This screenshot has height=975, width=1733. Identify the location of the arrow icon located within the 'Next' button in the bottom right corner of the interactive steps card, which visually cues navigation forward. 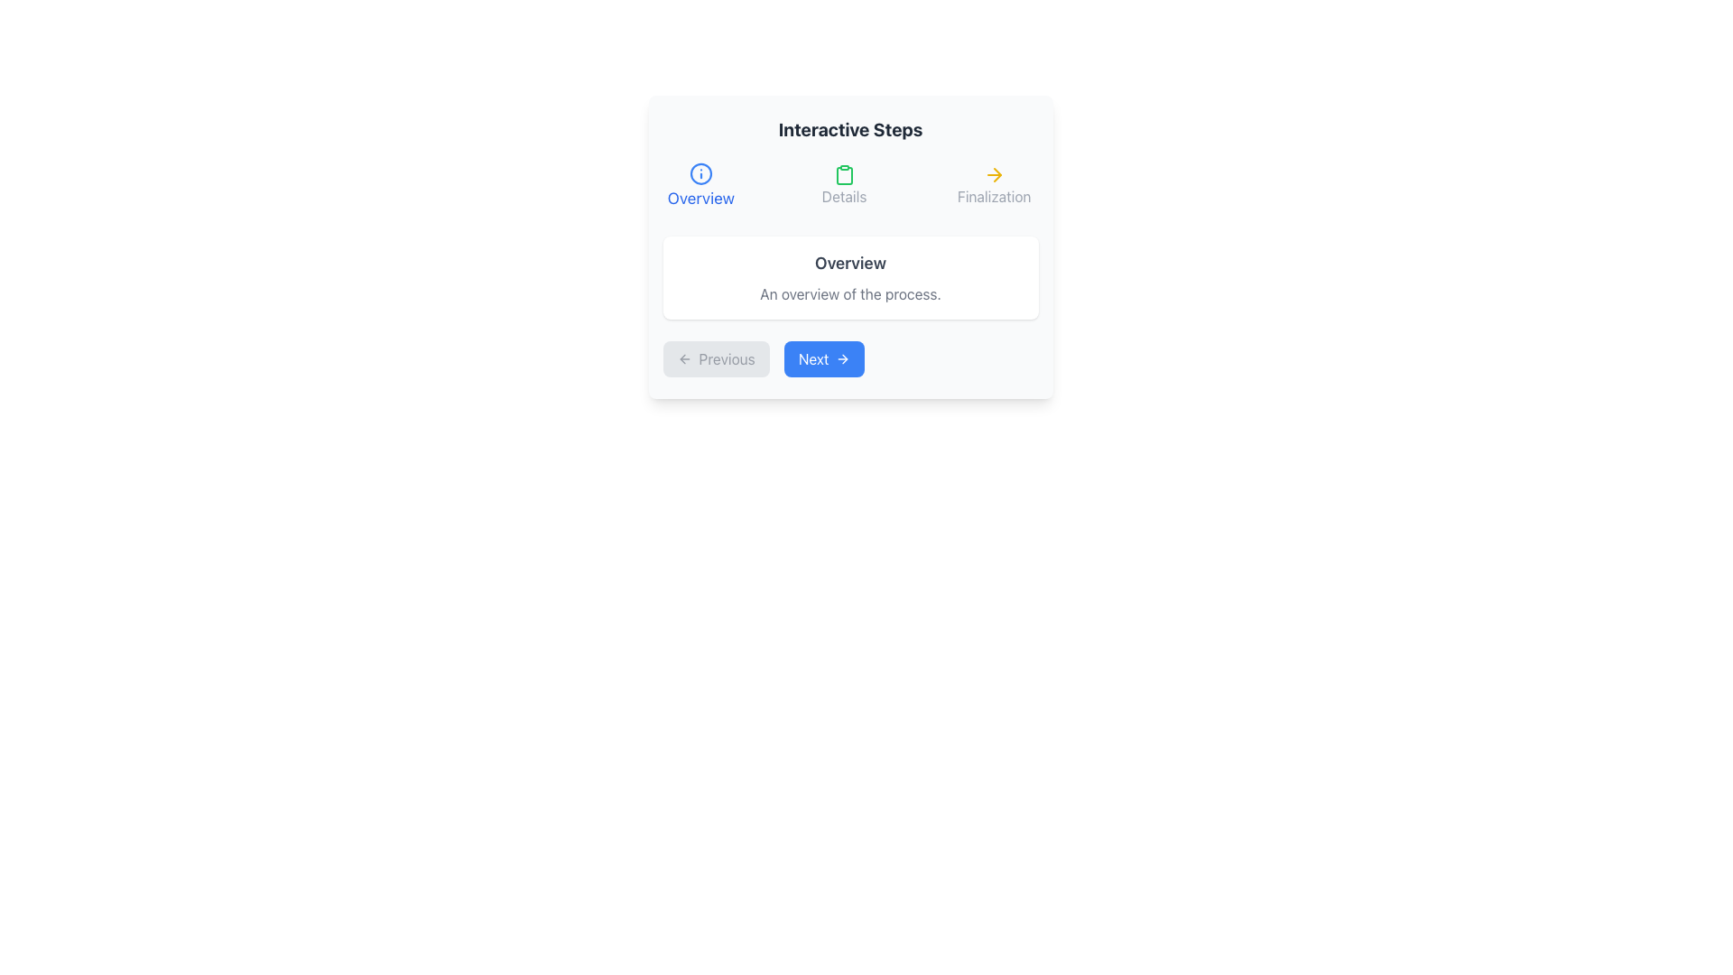
(842, 358).